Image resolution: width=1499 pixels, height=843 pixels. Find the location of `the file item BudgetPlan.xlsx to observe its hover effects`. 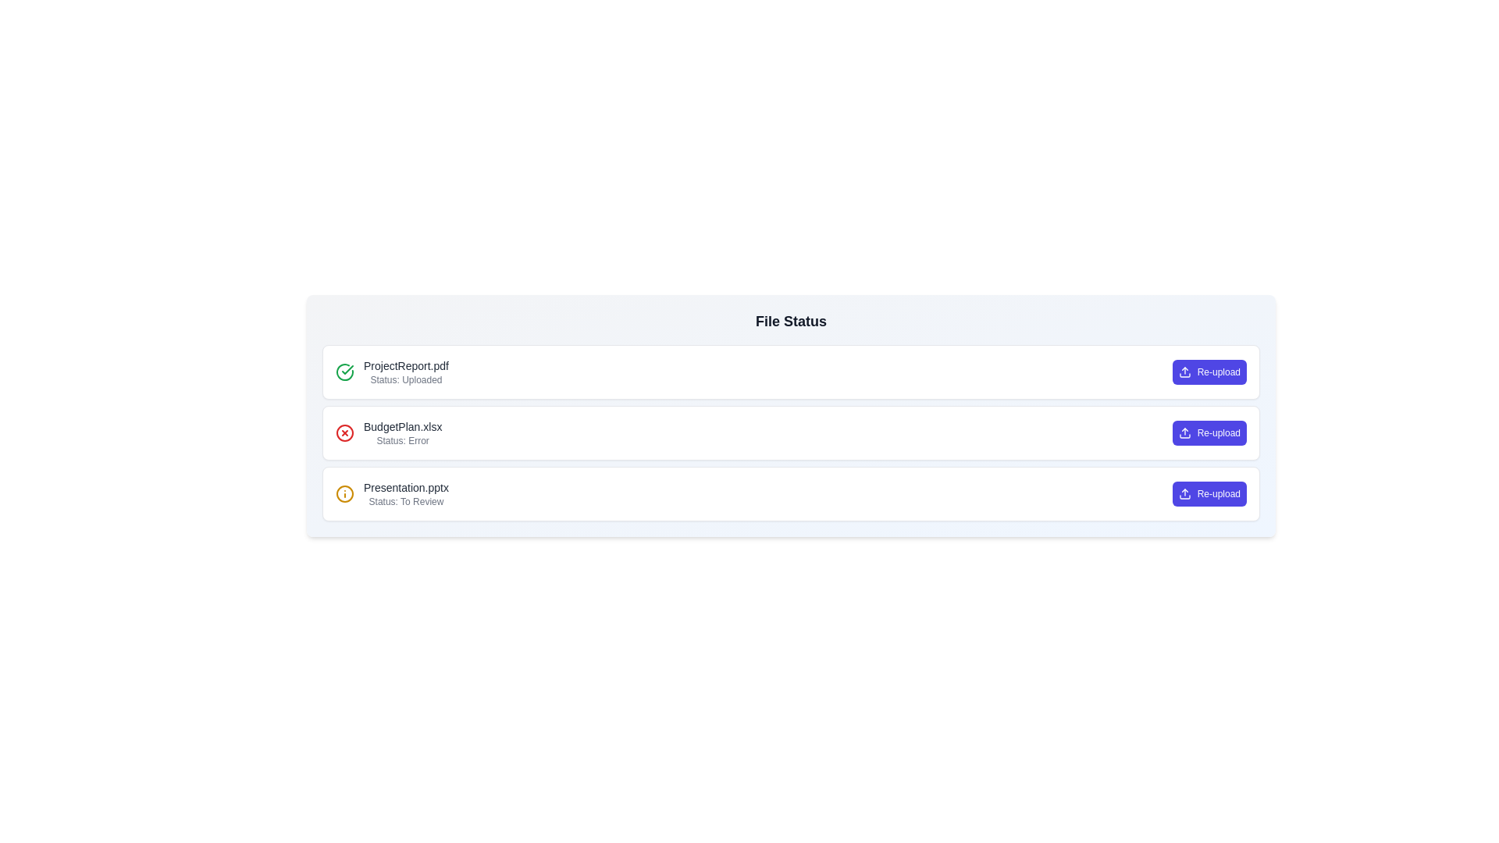

the file item BudgetPlan.xlsx to observe its hover effects is located at coordinates (791, 433).